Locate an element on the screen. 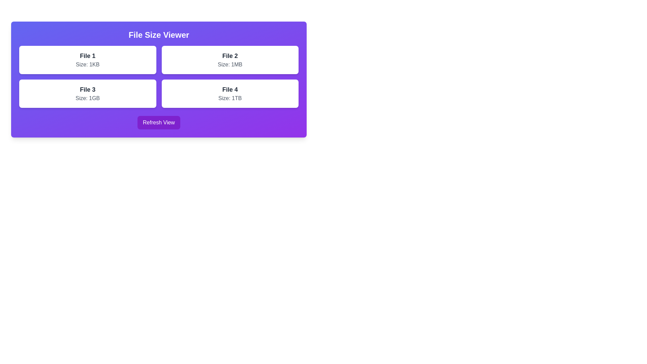 The height and width of the screenshot is (364, 647). the static text label that conveys file size information for 'File 3', located at the bottom of the card labeled 'File 3' is located at coordinates (87, 98).